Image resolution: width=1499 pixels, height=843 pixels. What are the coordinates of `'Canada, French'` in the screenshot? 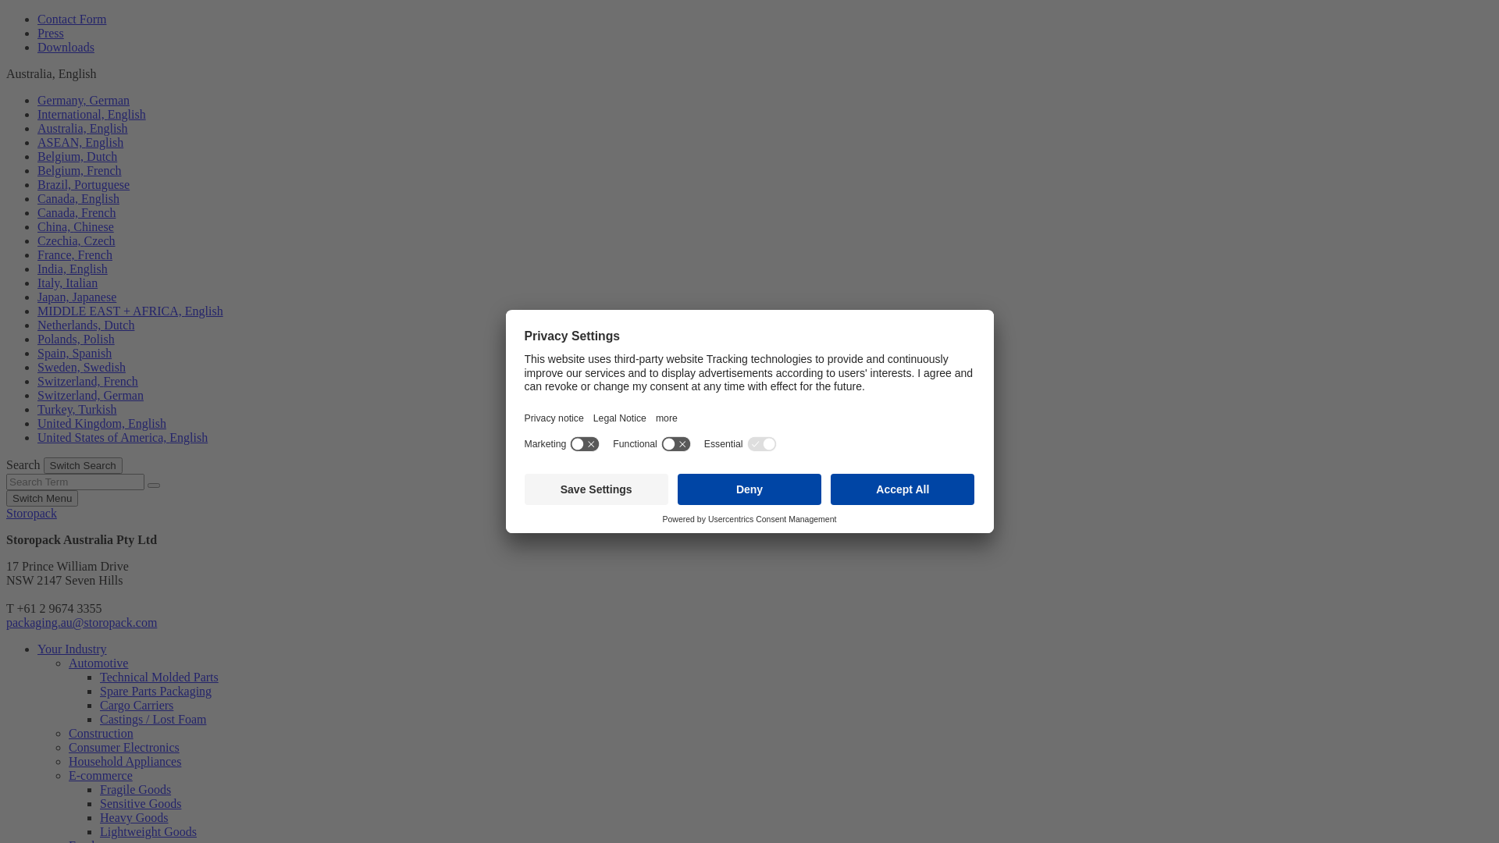 It's located at (75, 212).